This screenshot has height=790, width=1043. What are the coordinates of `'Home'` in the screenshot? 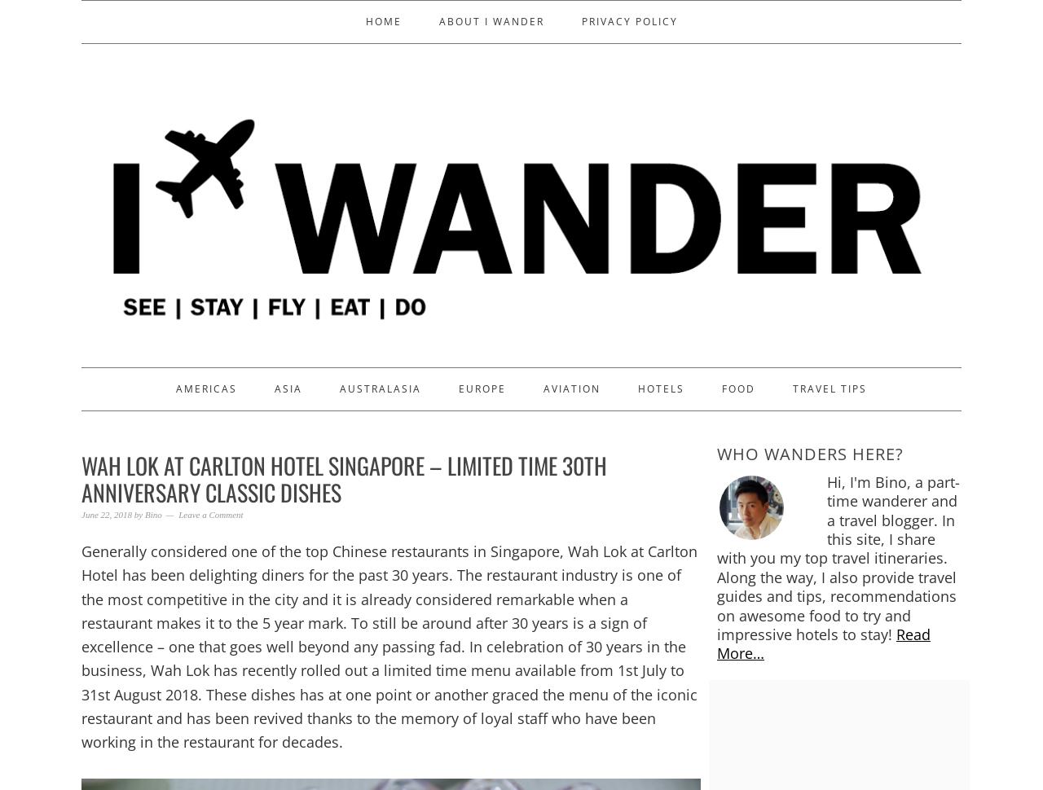 It's located at (364, 21).